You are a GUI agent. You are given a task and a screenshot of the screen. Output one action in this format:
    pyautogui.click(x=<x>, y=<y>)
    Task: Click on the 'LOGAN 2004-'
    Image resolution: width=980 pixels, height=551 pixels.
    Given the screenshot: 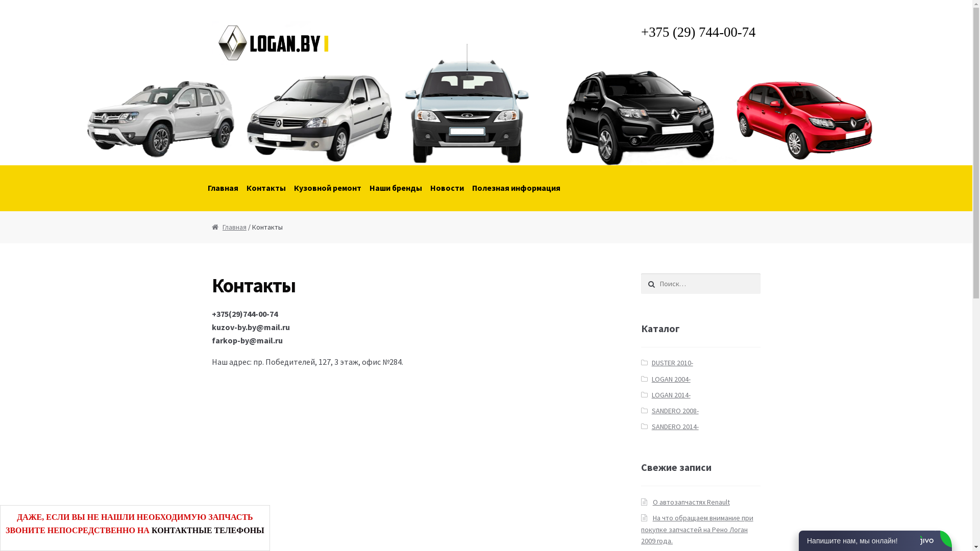 What is the action you would take?
    pyautogui.click(x=671, y=379)
    